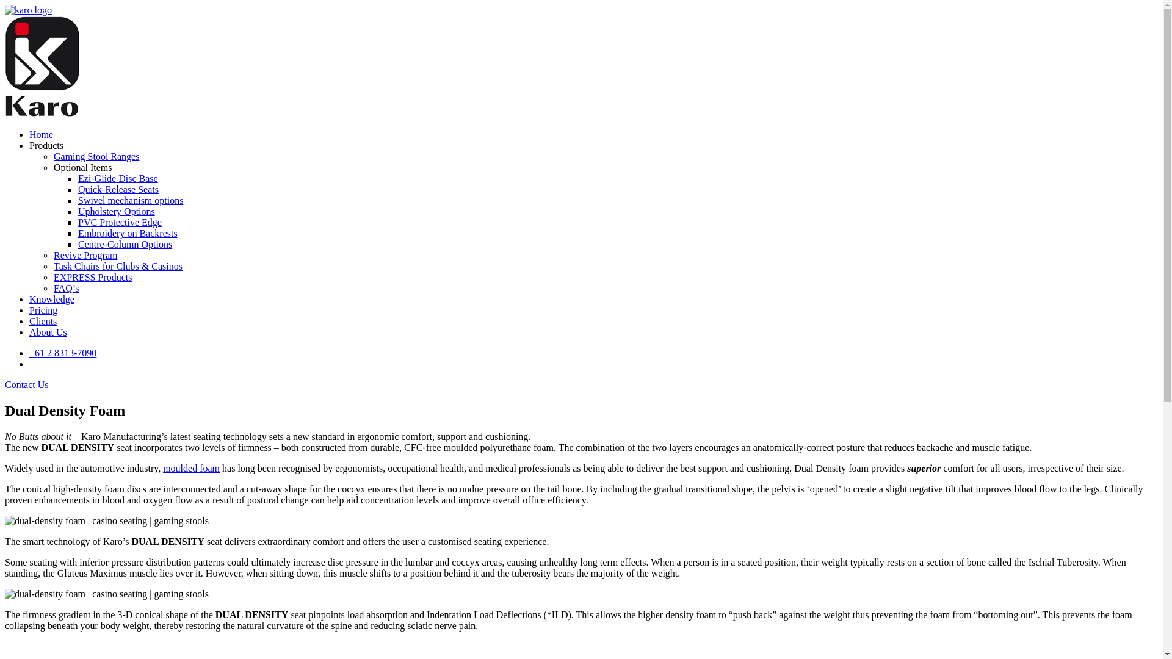 This screenshot has width=1172, height=659. What do you see at coordinates (117, 211) in the screenshot?
I see `'Upholstery Options'` at bounding box center [117, 211].